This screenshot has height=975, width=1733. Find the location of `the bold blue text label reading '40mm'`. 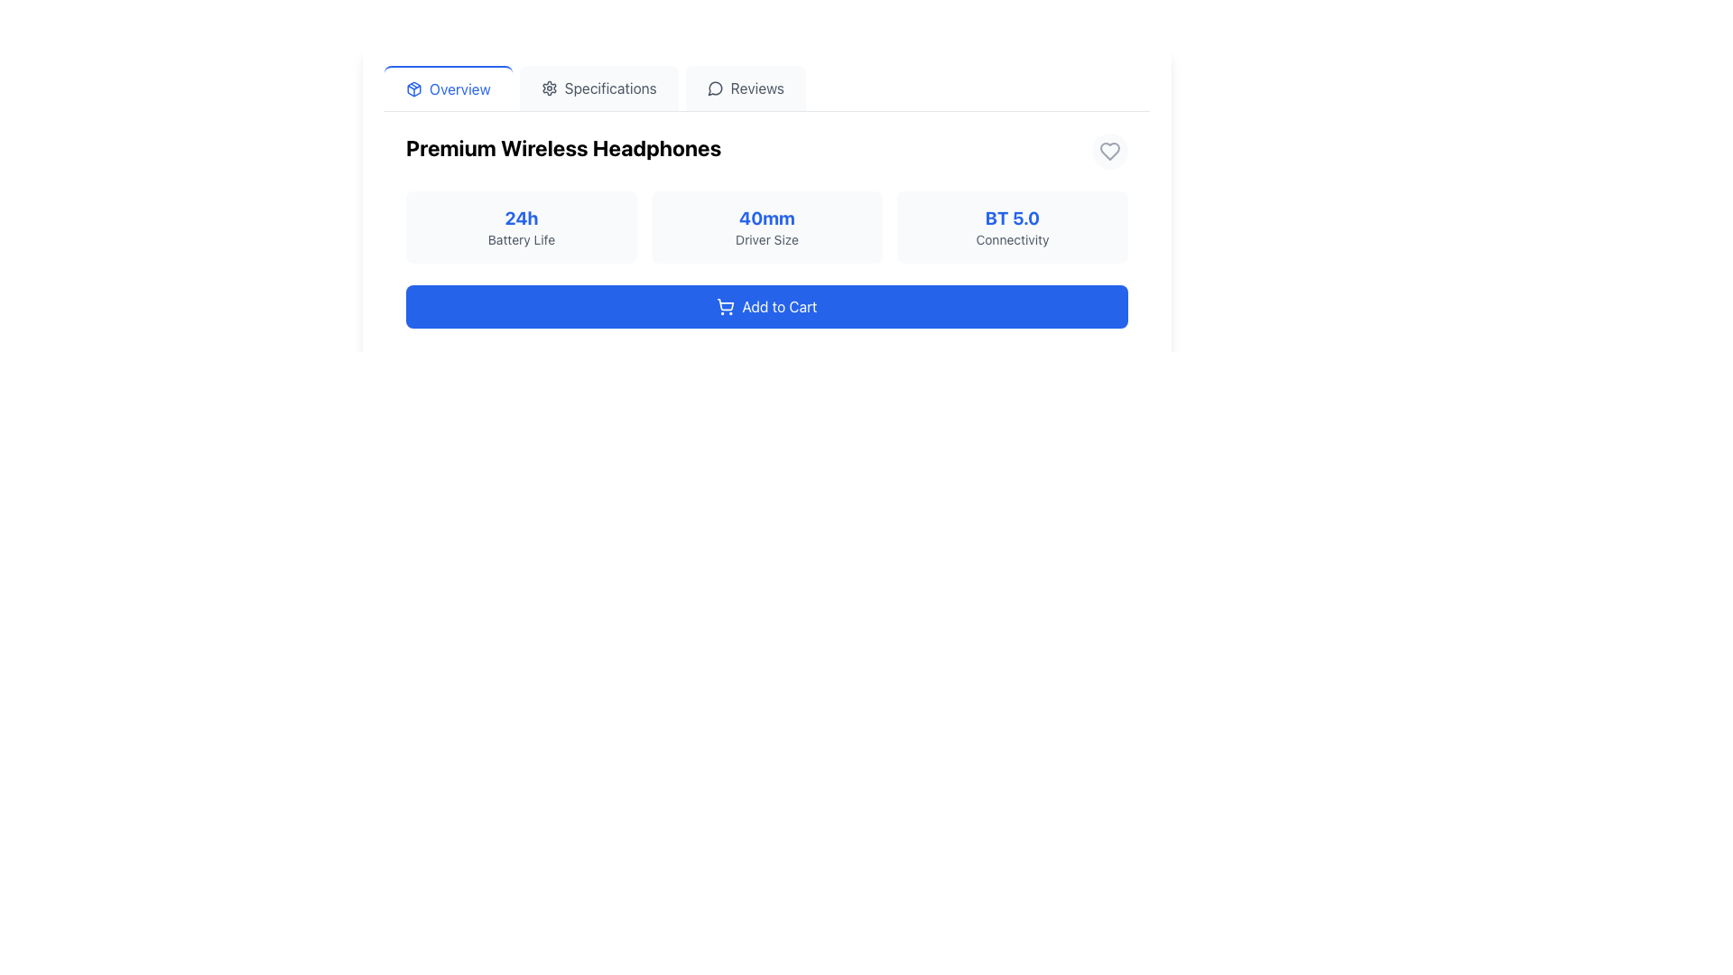

the bold blue text label reading '40mm' is located at coordinates (766, 218).